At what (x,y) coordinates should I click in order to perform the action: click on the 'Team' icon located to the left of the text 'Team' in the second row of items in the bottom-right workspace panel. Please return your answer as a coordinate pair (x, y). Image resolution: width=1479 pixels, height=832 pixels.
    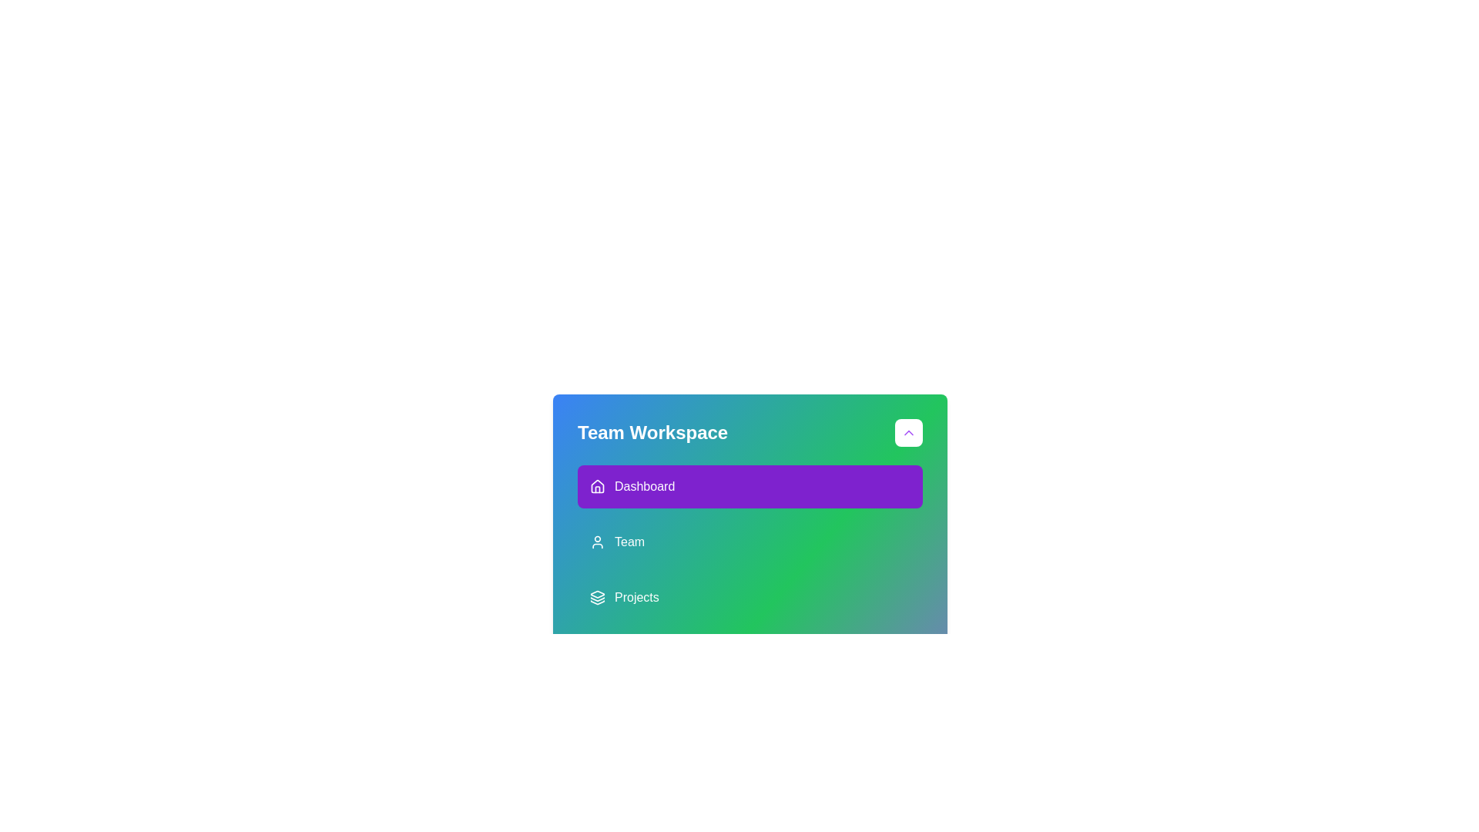
    Looking at the image, I should click on (597, 542).